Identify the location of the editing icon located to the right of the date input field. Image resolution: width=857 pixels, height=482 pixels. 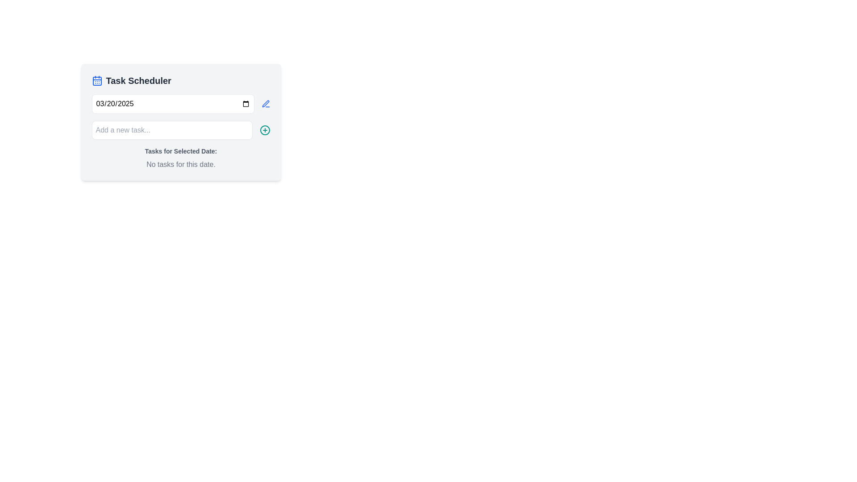
(265, 103).